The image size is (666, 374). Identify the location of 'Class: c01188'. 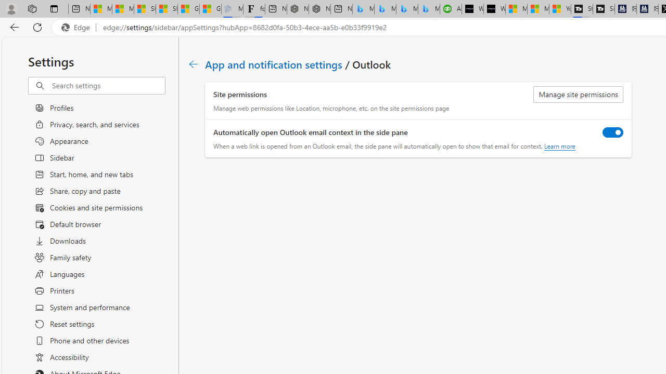
(193, 64).